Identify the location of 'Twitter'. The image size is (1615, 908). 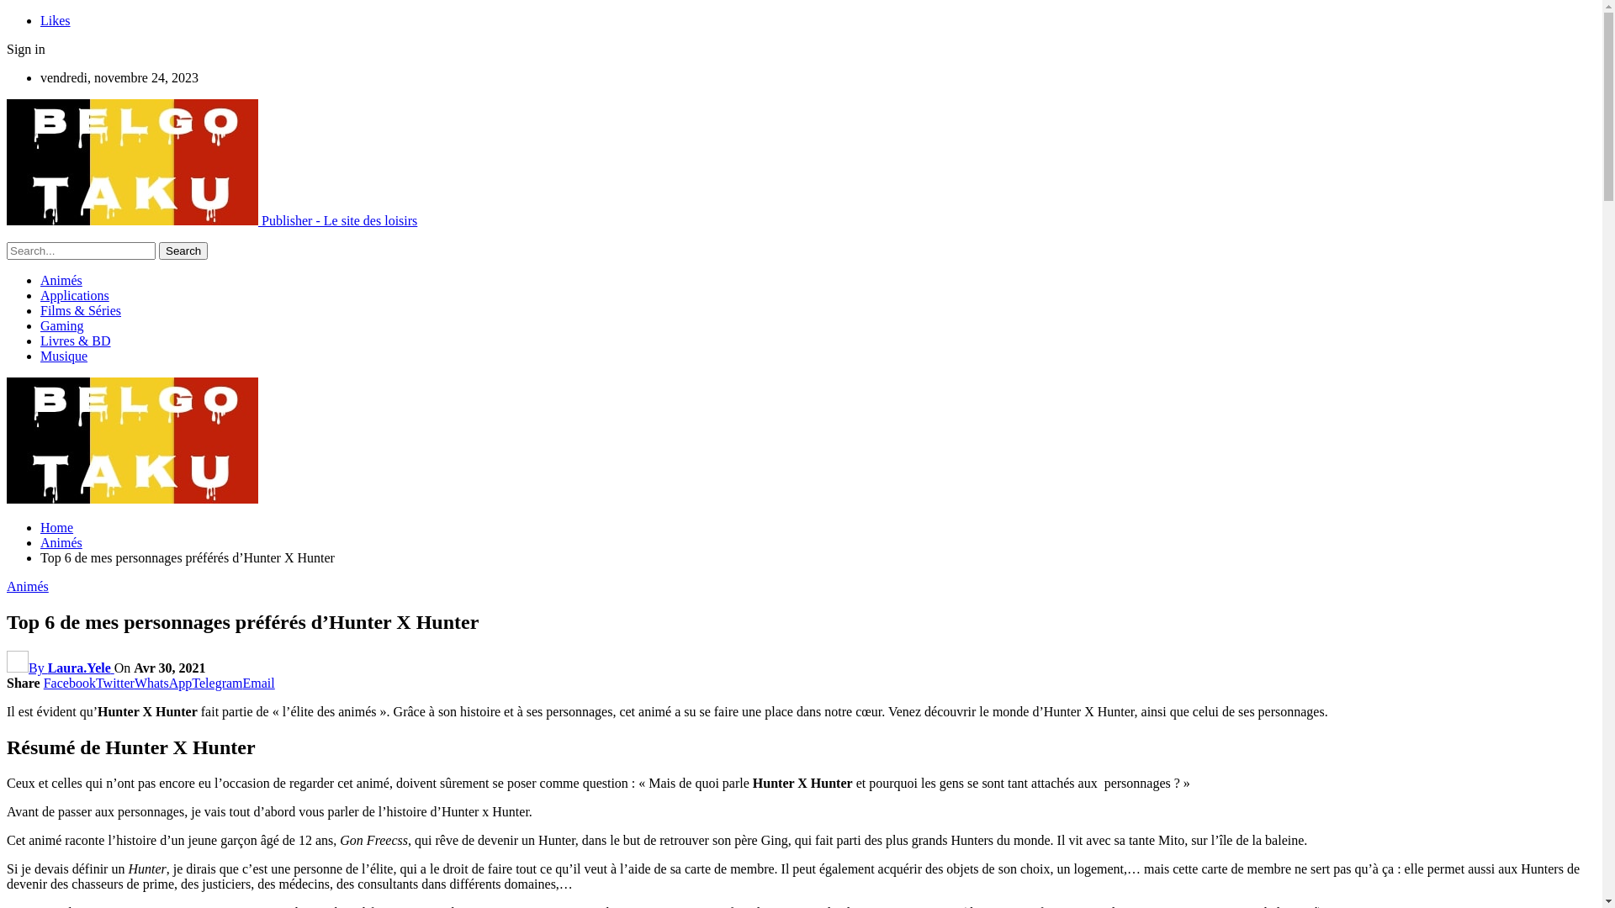
(114, 683).